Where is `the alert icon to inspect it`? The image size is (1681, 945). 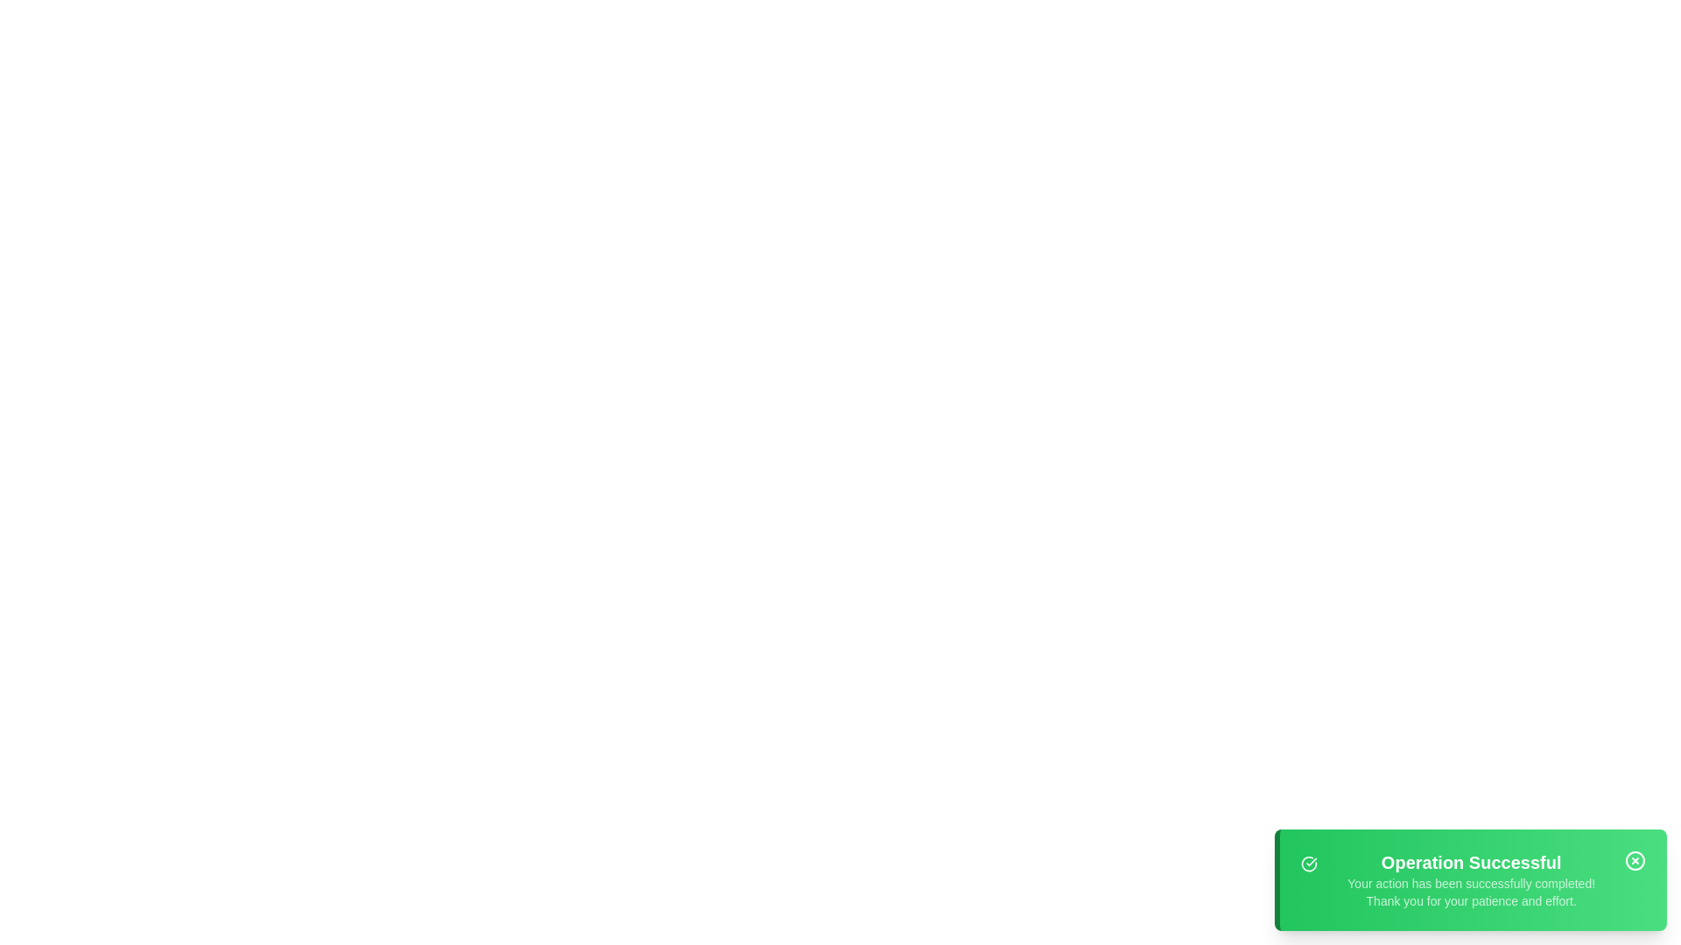
the alert icon to inspect it is located at coordinates (1309, 863).